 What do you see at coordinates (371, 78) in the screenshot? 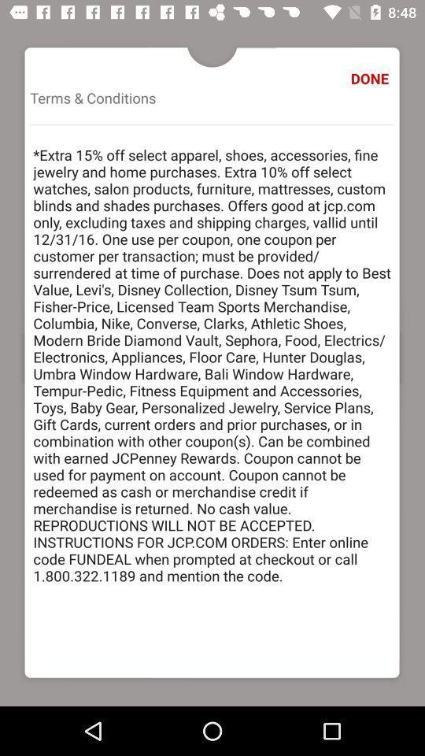
I see `item at the top right corner` at bounding box center [371, 78].